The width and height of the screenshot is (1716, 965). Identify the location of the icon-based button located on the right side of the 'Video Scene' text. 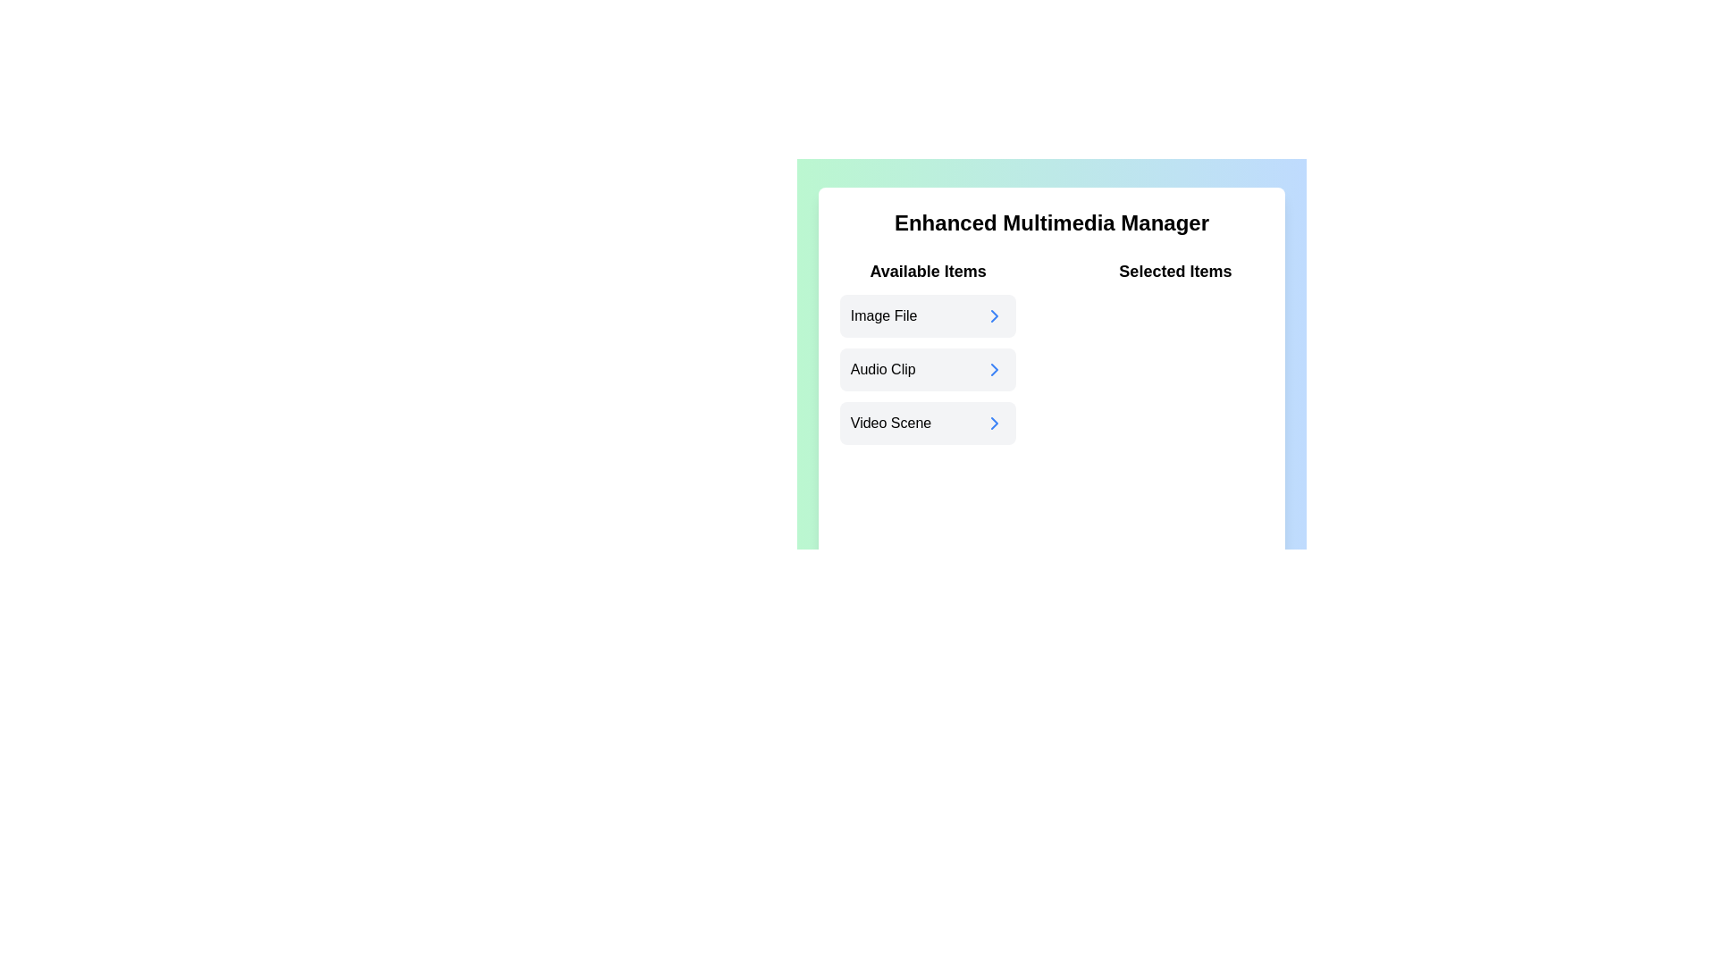
(994, 424).